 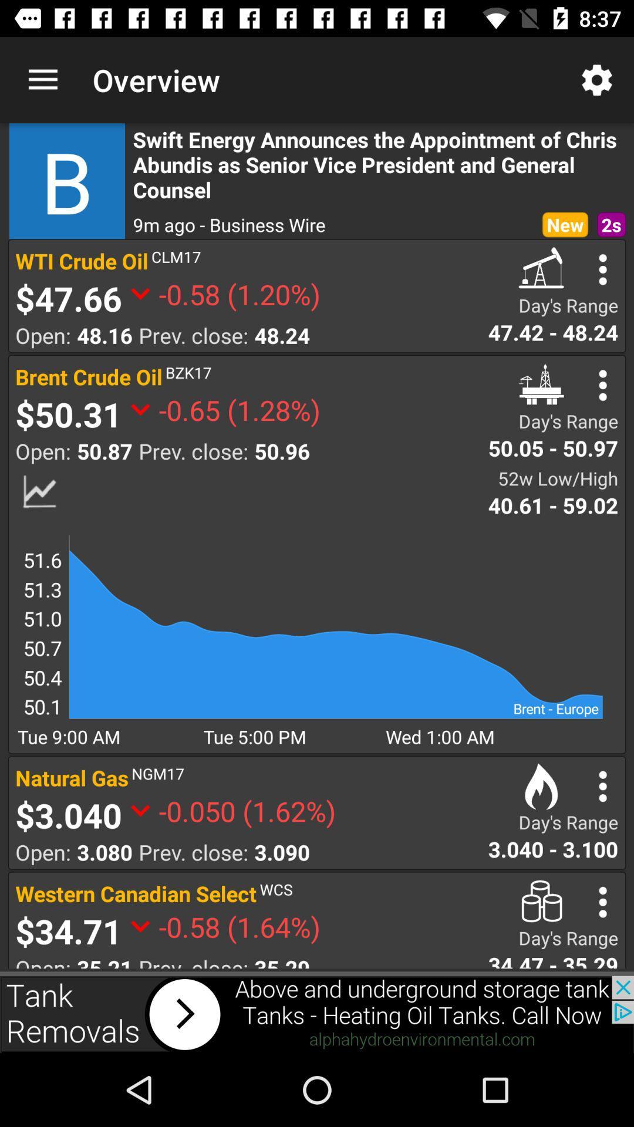 I want to click on advertisement banner, so click(x=317, y=1014).